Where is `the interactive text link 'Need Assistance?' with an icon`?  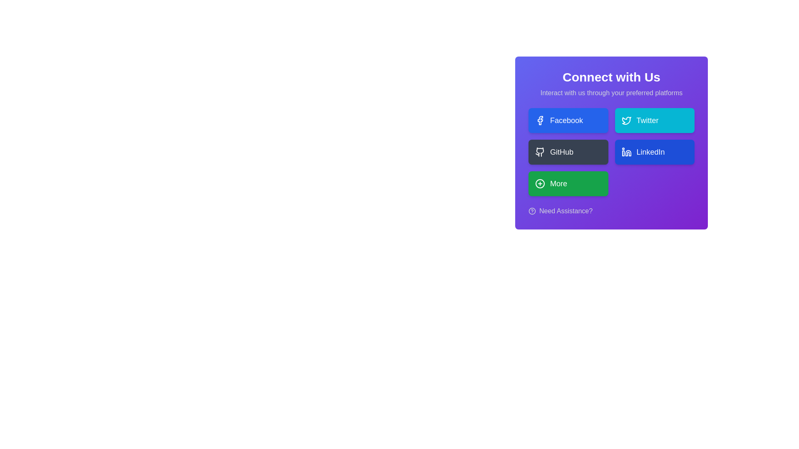 the interactive text link 'Need Assistance?' with an icon is located at coordinates (561, 211).